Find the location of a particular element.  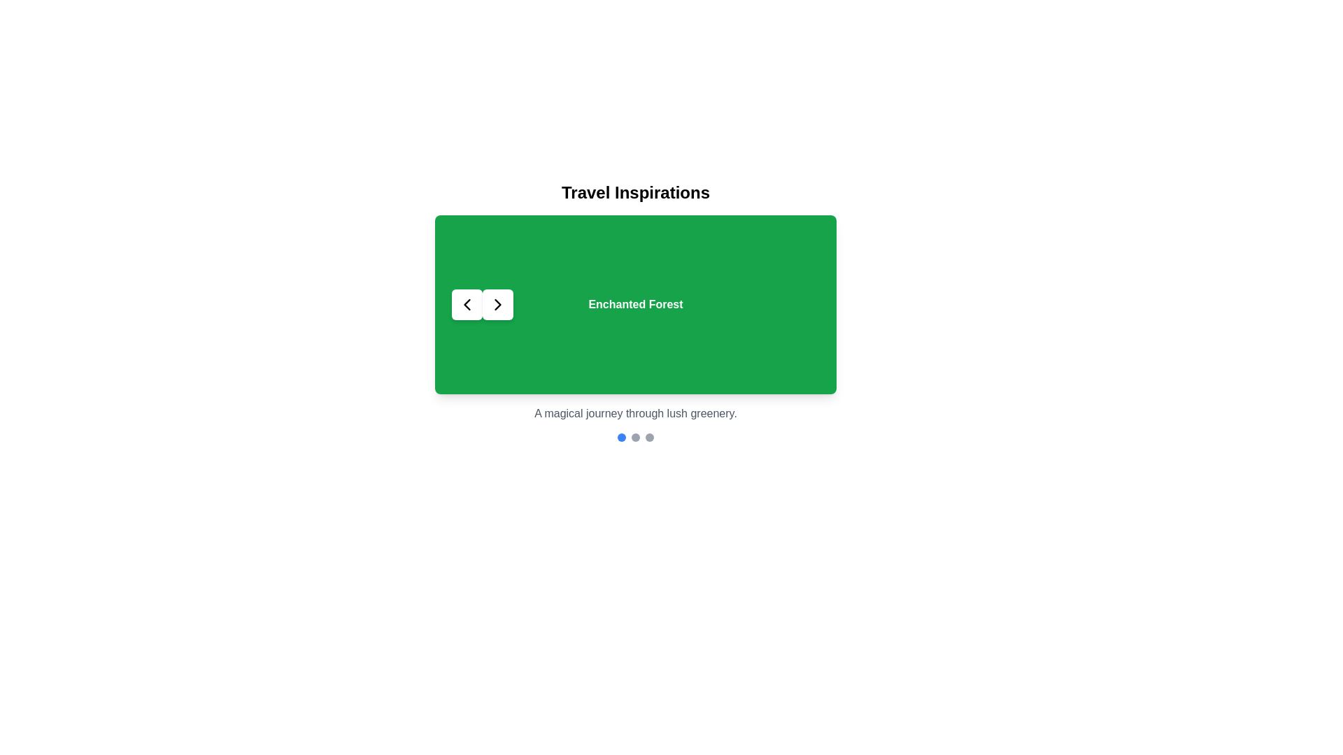

the rectangular button with a black leftward arrow icon for accessibility is located at coordinates (467, 303).